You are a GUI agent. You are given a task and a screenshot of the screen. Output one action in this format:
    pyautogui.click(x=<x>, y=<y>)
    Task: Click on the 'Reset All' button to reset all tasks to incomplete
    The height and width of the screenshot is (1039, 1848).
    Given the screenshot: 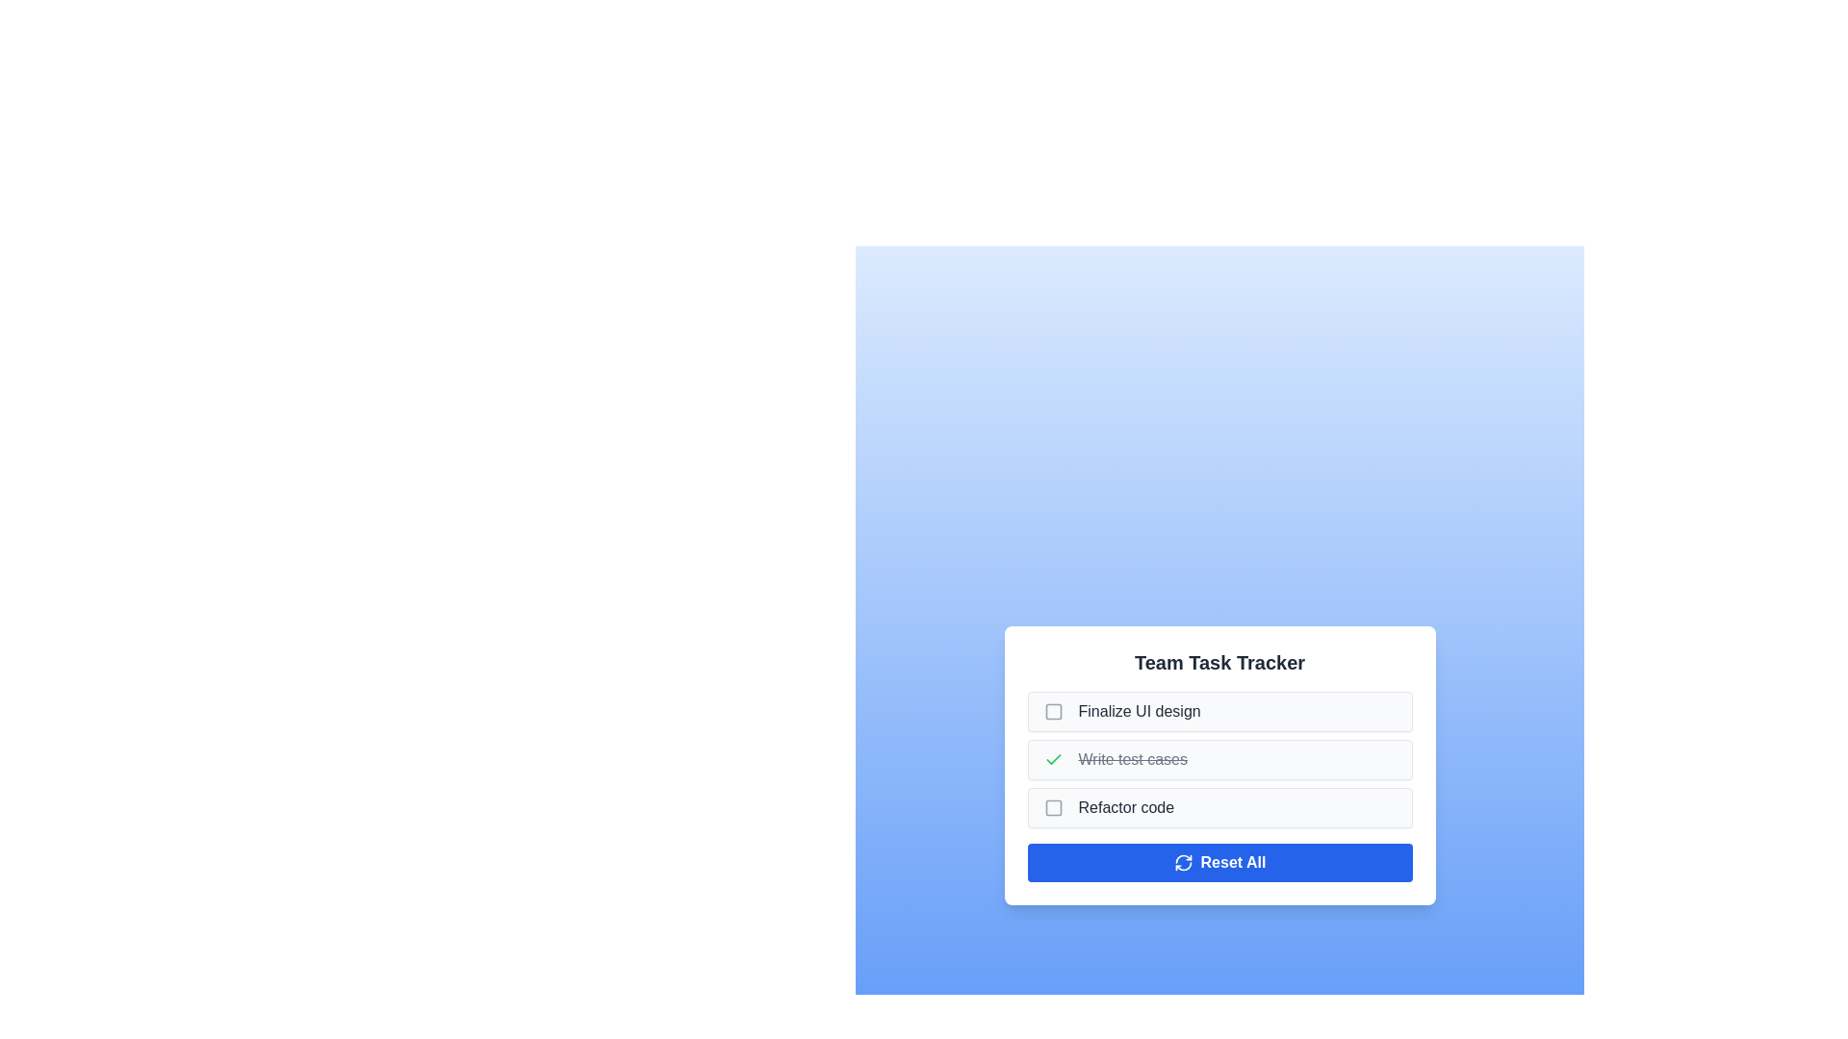 What is the action you would take?
    pyautogui.click(x=1219, y=862)
    